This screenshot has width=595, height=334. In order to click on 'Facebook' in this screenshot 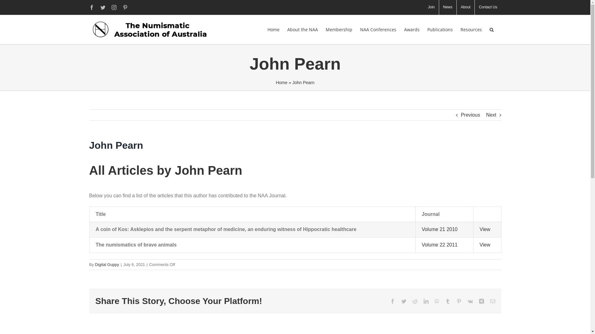, I will do `click(392, 301)`.